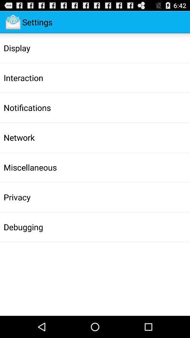  I want to click on the item above privacy icon, so click(30, 167).